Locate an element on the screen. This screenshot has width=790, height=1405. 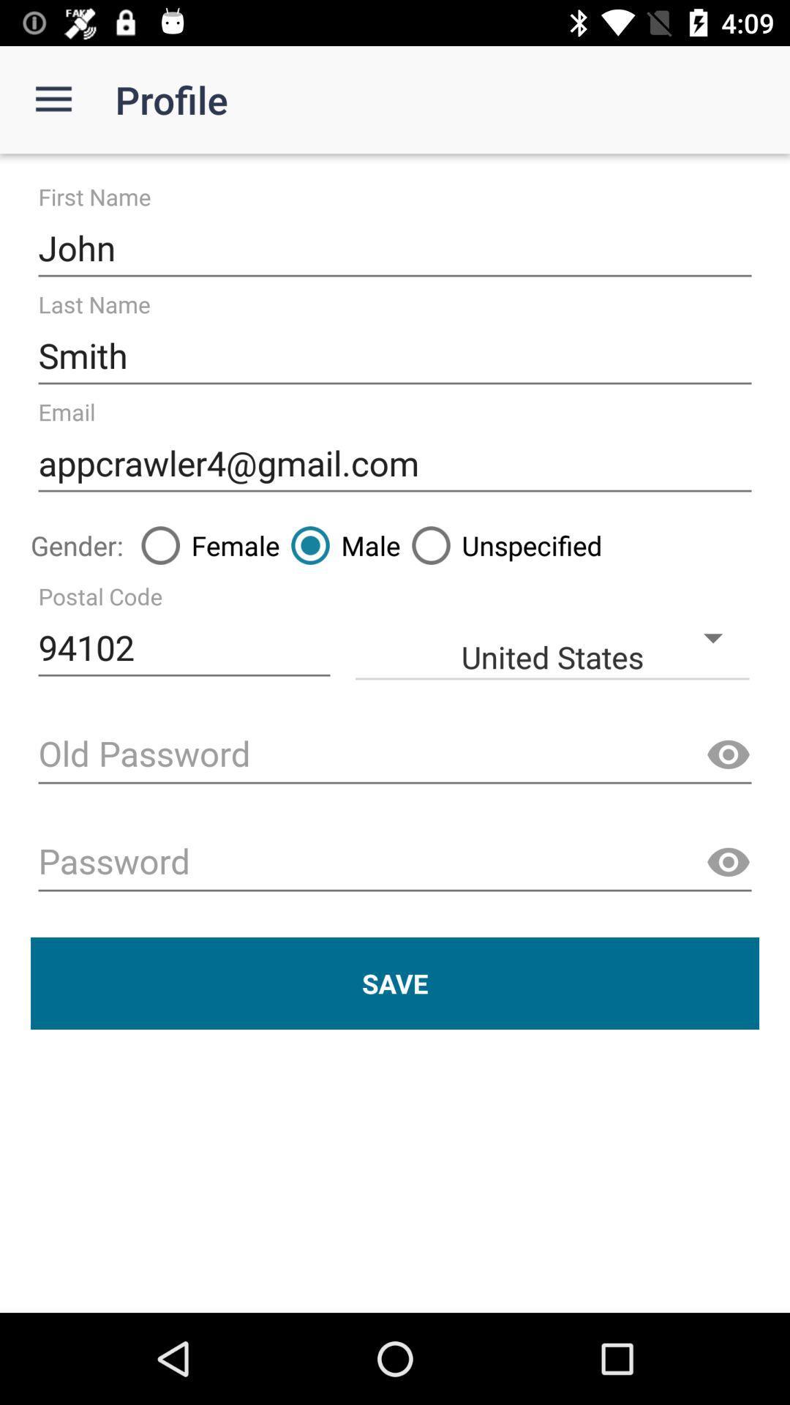
old password is located at coordinates (395, 755).